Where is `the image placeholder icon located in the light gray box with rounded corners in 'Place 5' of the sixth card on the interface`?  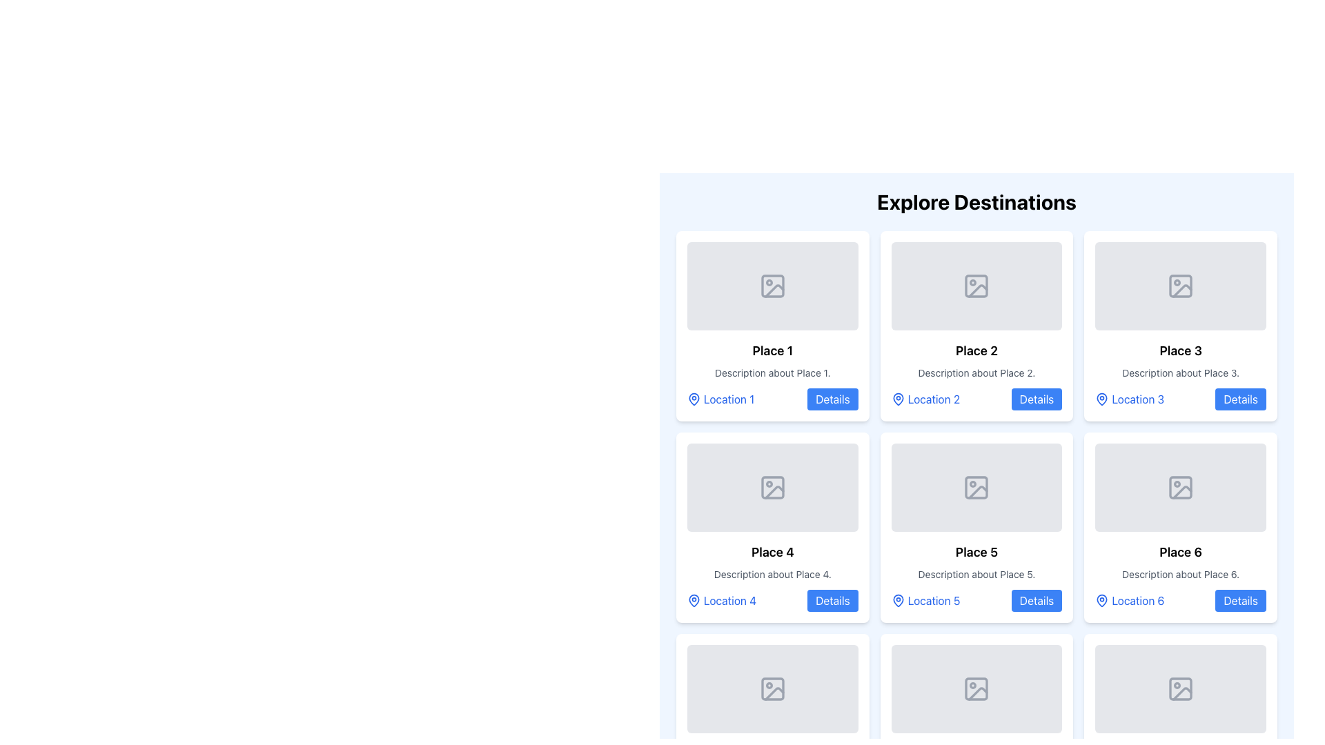 the image placeholder icon located in the light gray box with rounded corners in 'Place 5' of the sixth card on the interface is located at coordinates (772, 689).